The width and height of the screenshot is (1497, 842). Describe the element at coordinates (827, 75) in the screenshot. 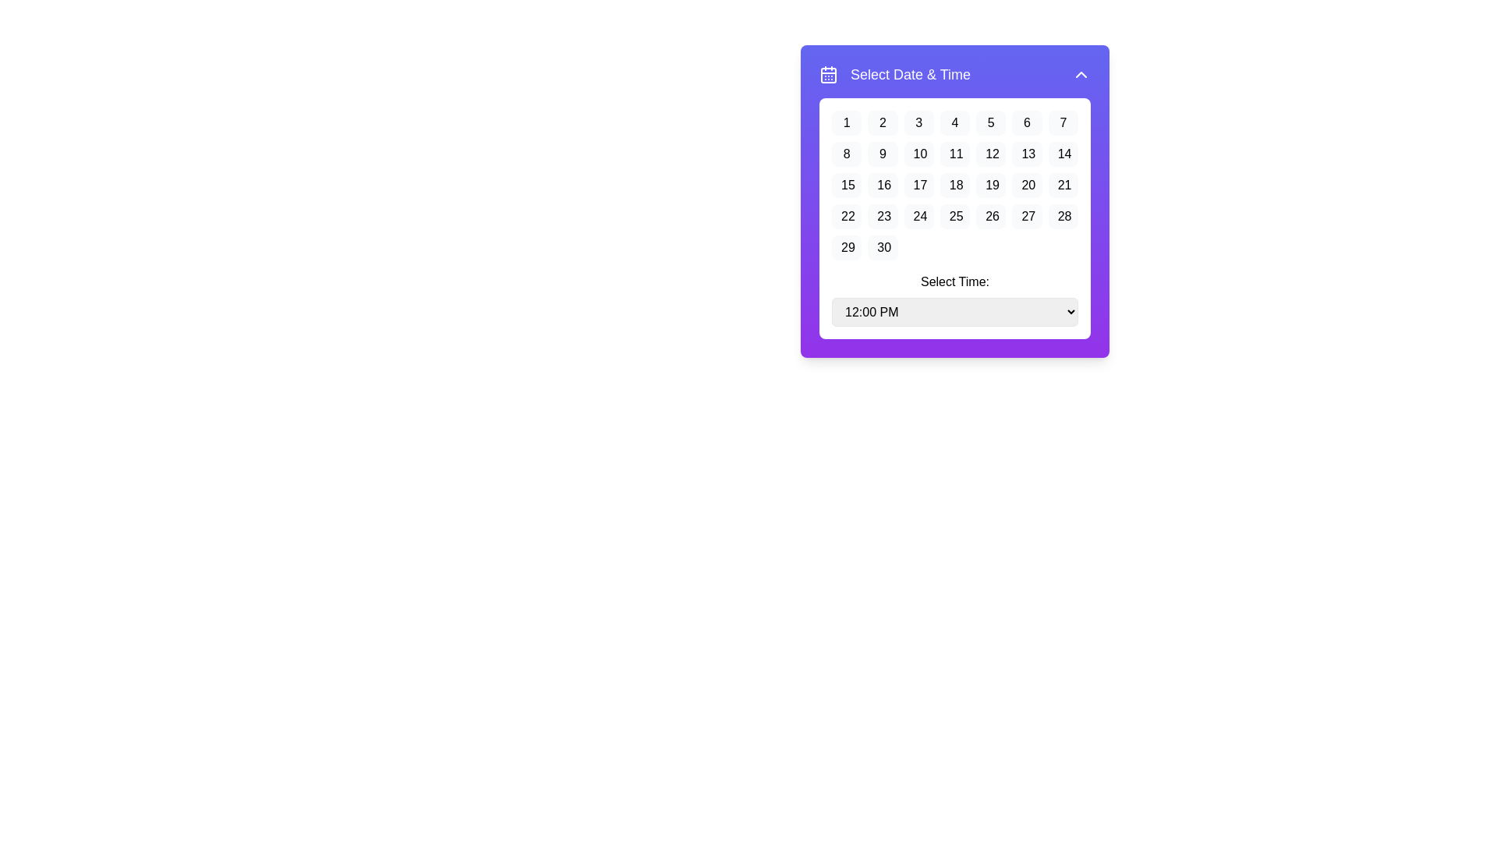

I see `the decorative rounded rectangle inside the purple and white calendar-like icon next to the 'Select Date & Time' text` at that location.